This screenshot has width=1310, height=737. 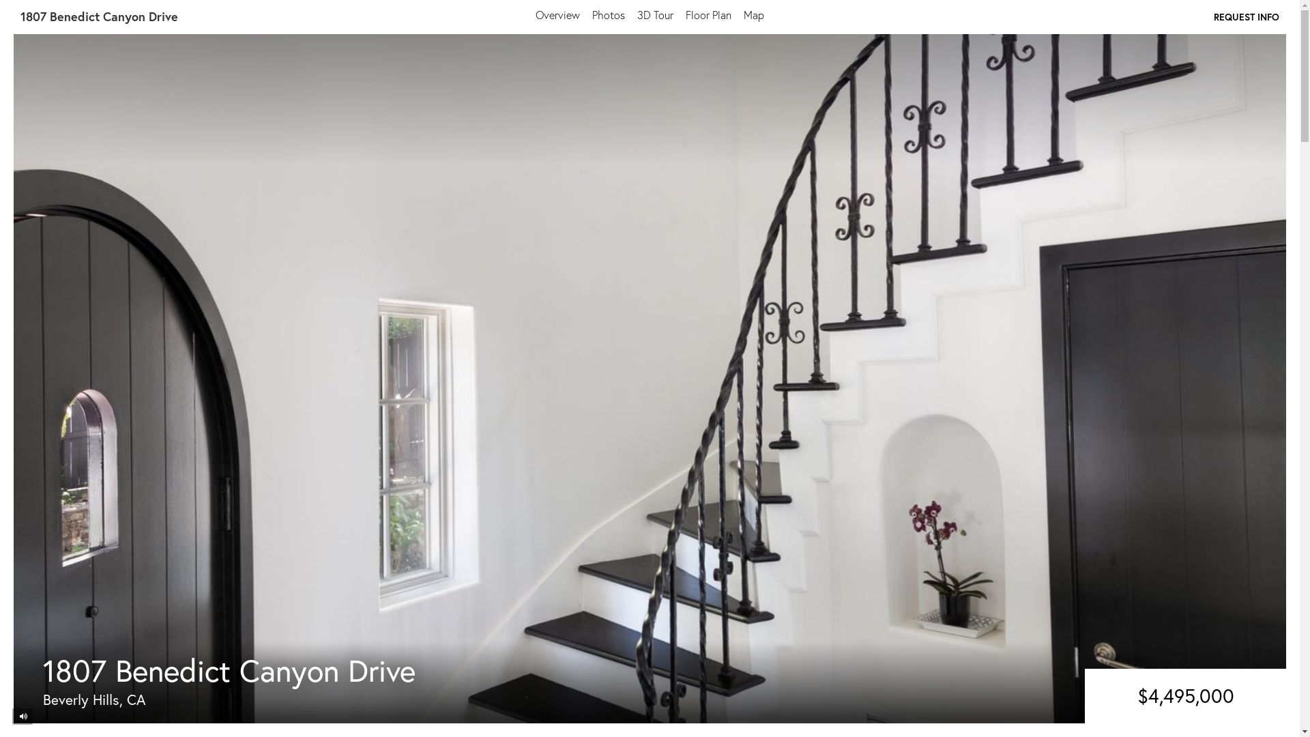 I want to click on 'Photos', so click(x=592, y=14).